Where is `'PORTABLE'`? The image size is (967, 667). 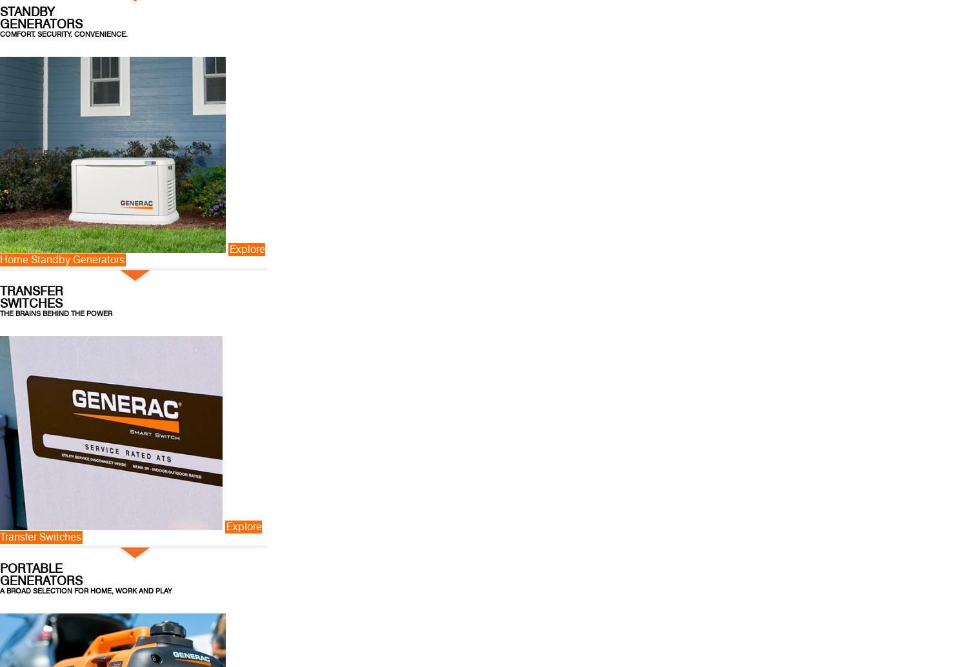
'PORTABLE' is located at coordinates (0, 568).